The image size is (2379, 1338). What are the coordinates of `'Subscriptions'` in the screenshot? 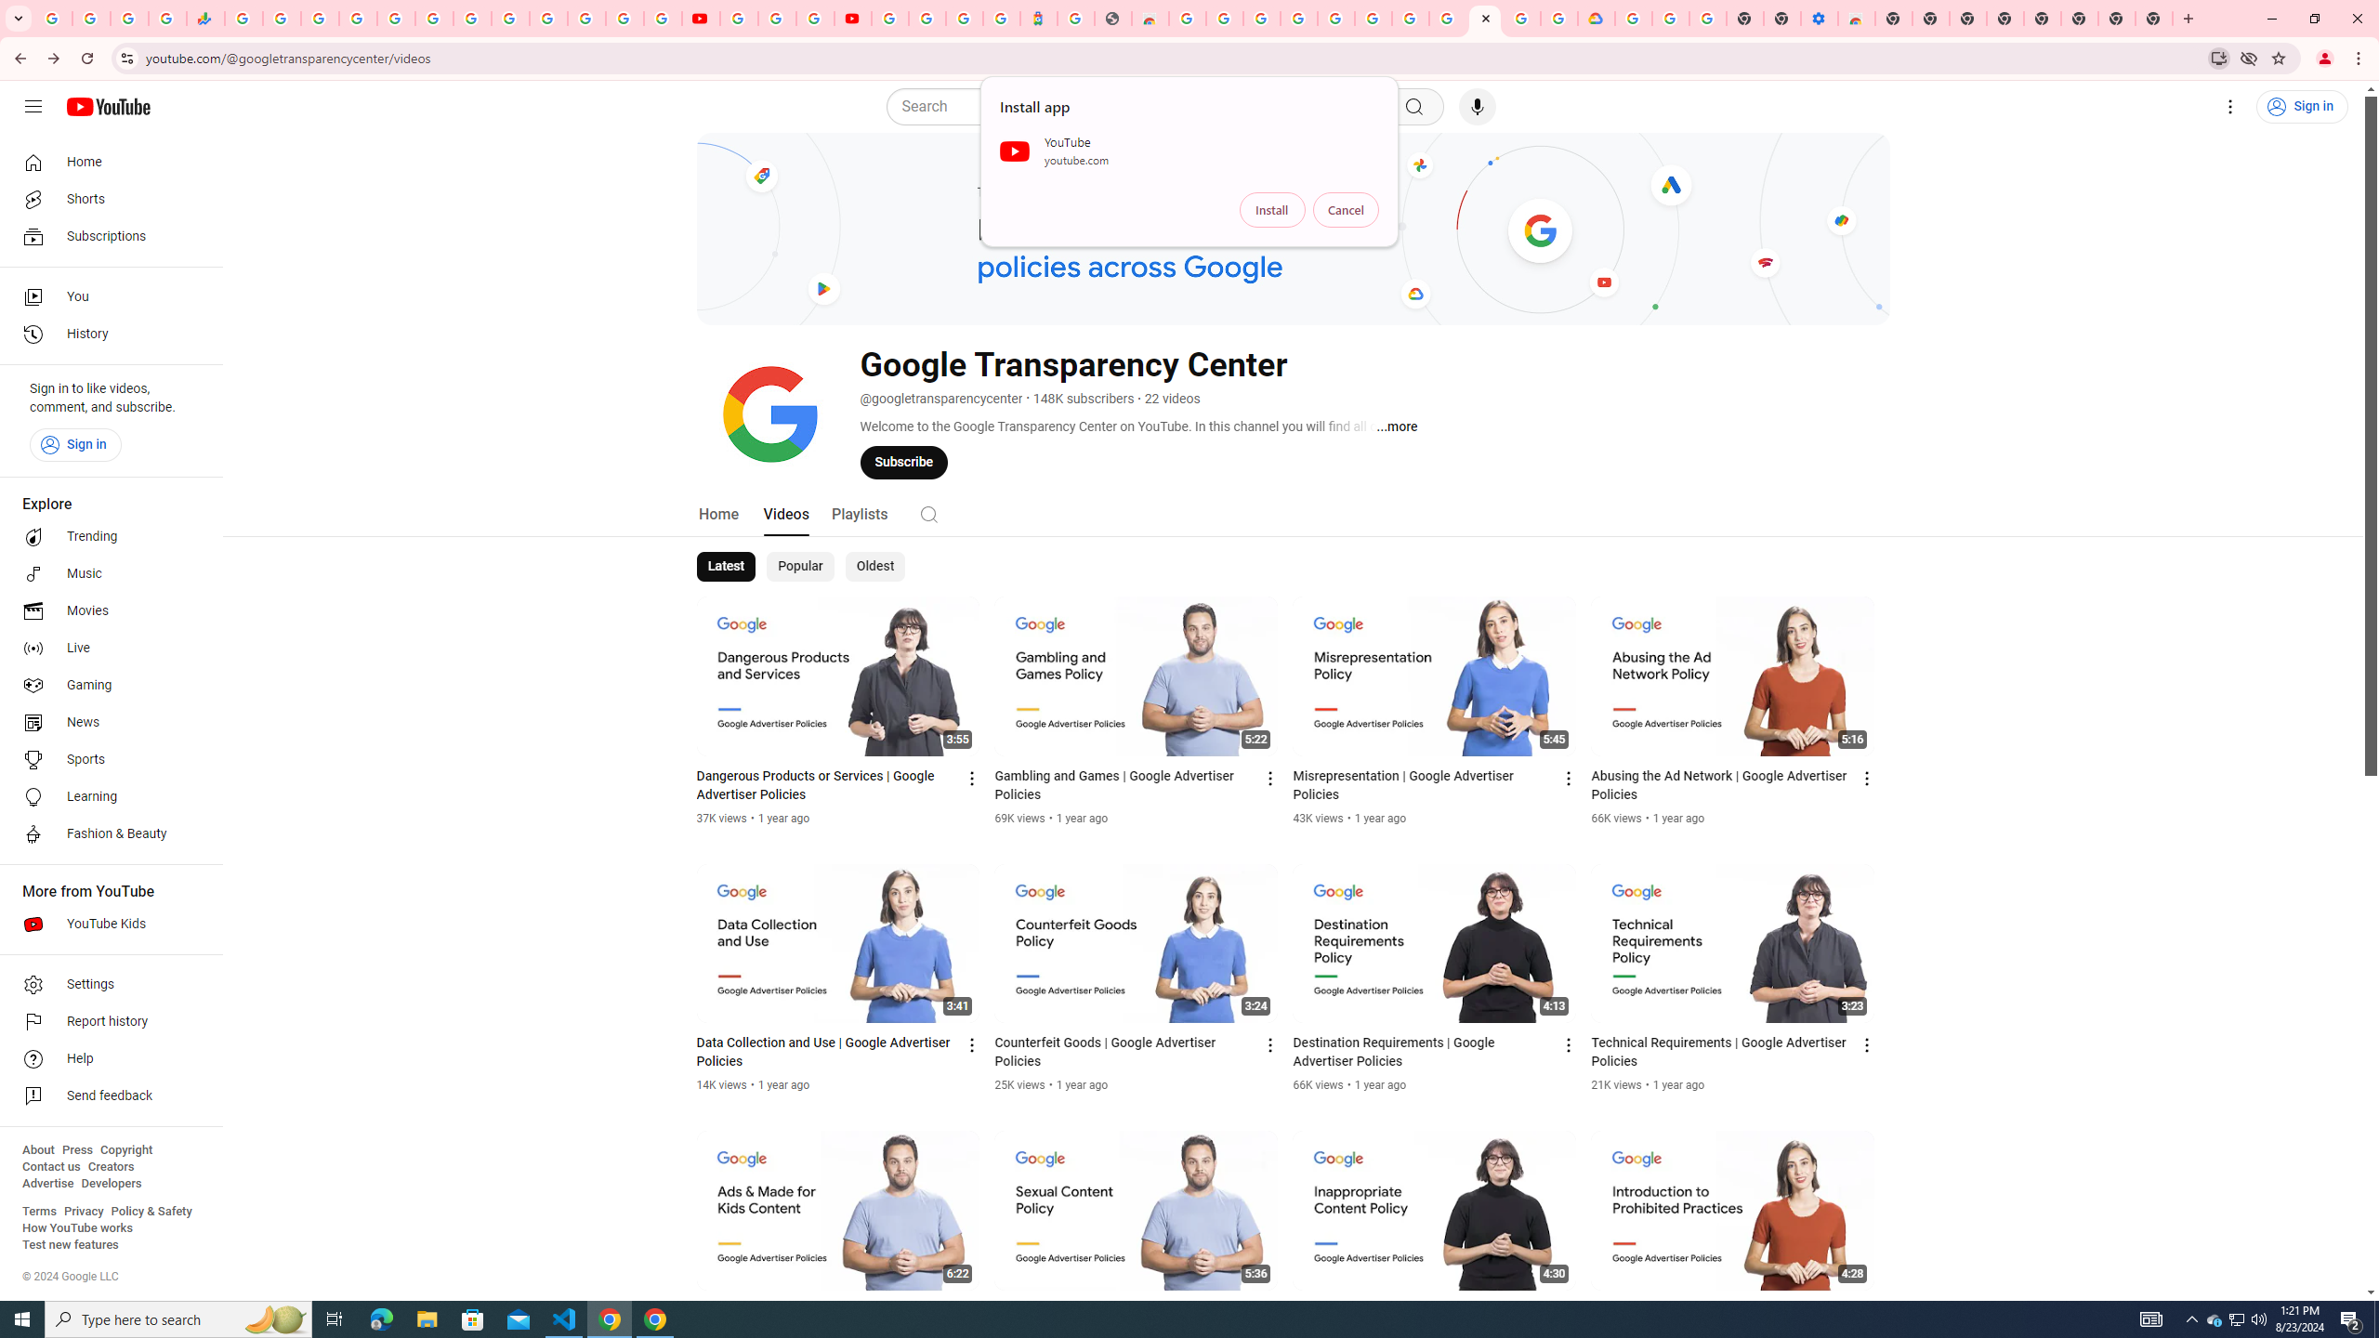 It's located at (105, 235).